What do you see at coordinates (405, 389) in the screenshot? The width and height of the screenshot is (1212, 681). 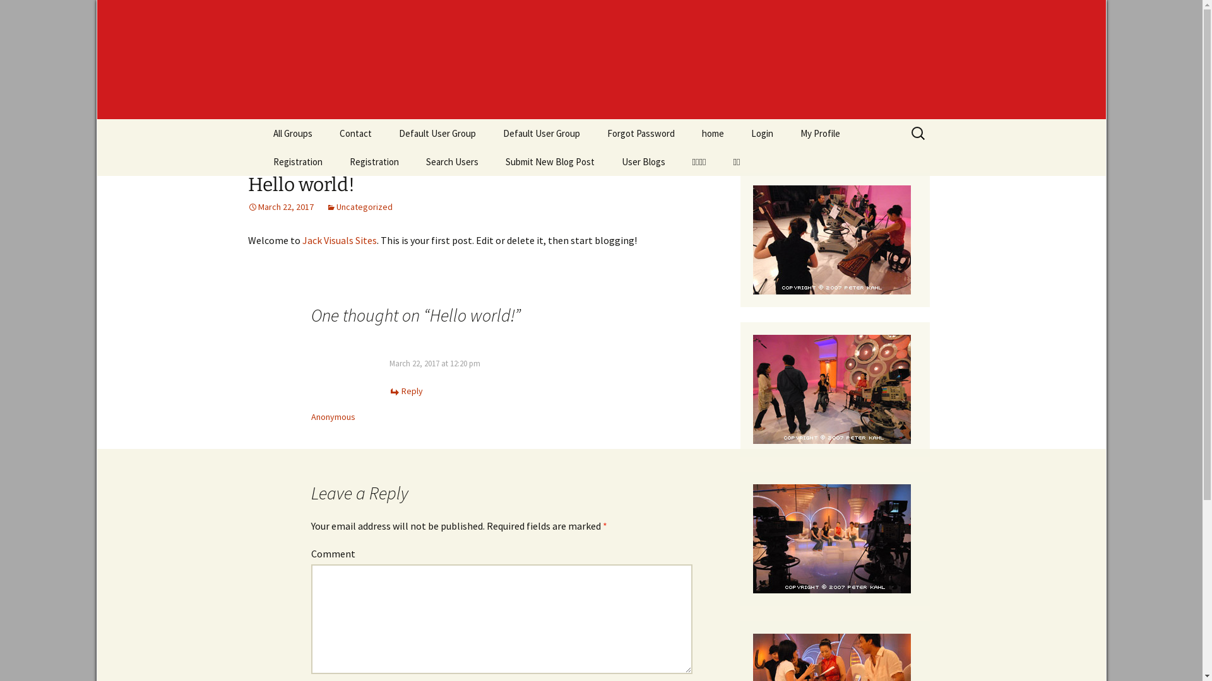 I see `'Reply'` at bounding box center [405, 389].